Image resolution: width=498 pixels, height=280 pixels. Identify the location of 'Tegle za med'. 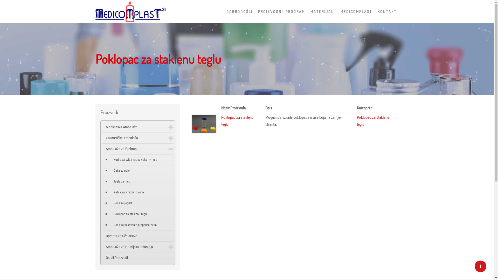
(141, 181).